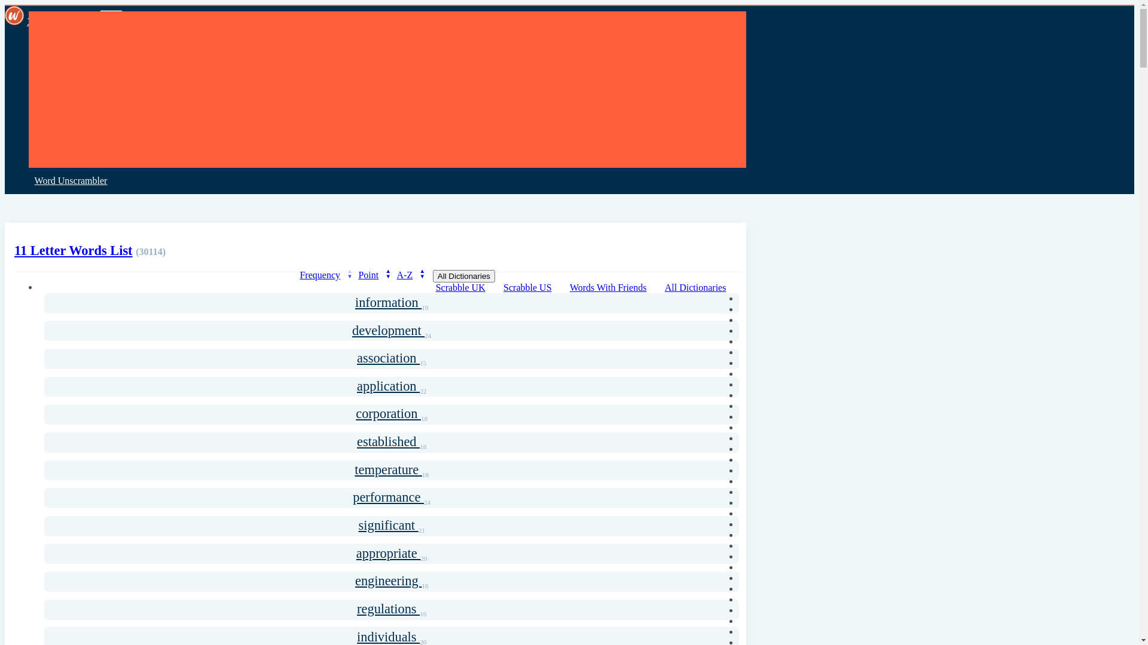  Describe the element at coordinates (435, 288) in the screenshot. I see `'Scrabble UK'` at that location.